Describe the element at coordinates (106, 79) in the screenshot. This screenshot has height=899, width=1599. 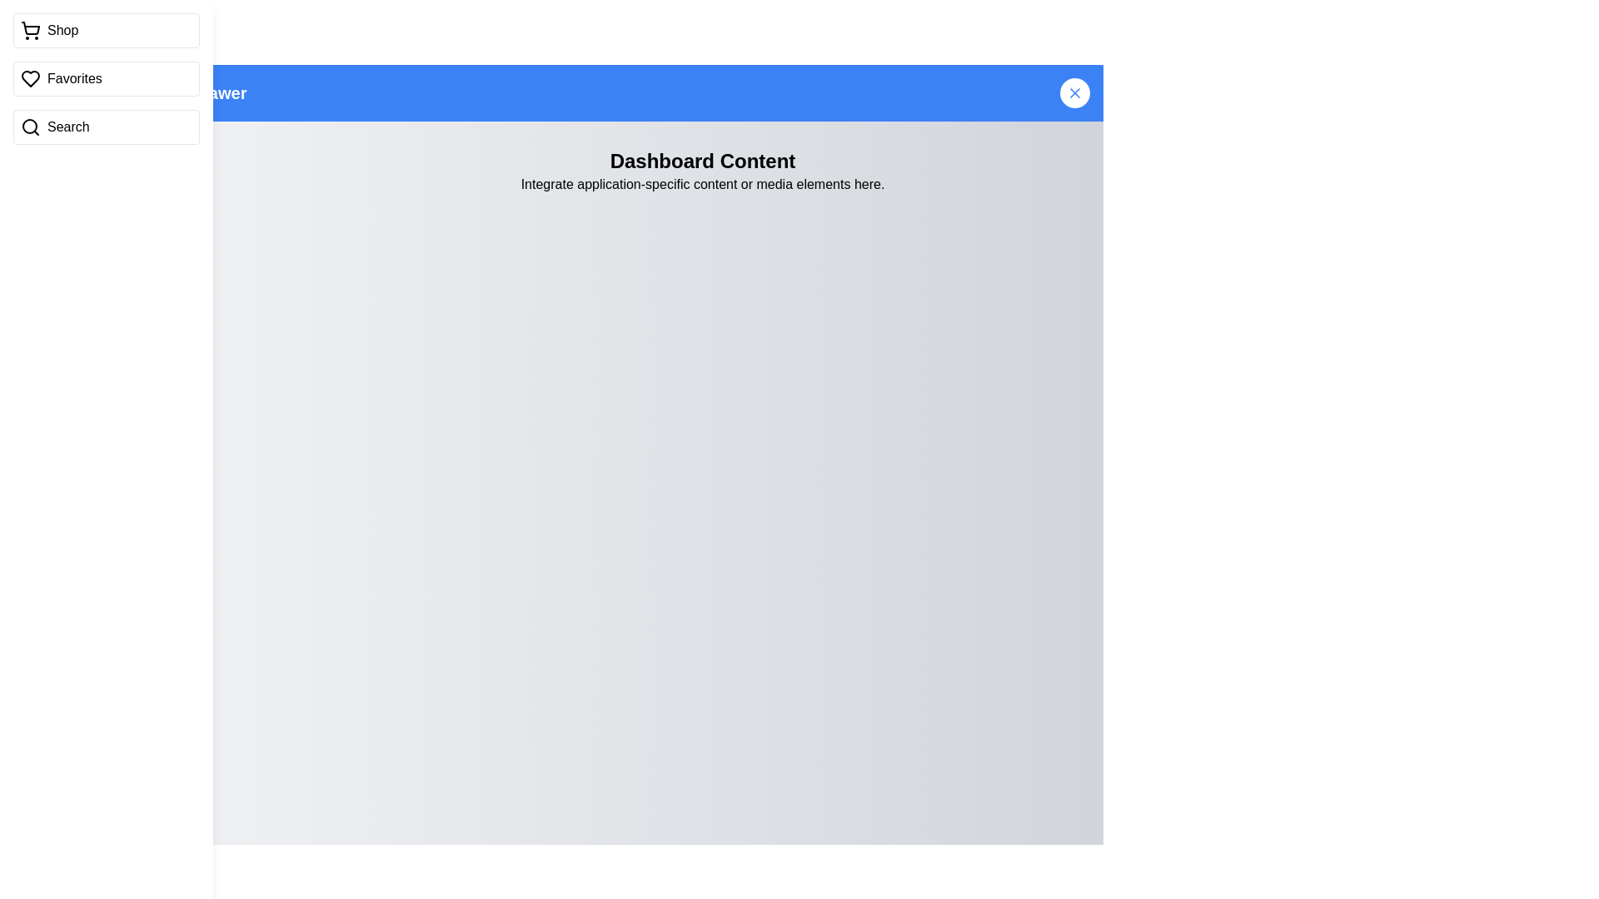
I see `the 'Shop' item in the vertical sidebar menu` at that location.